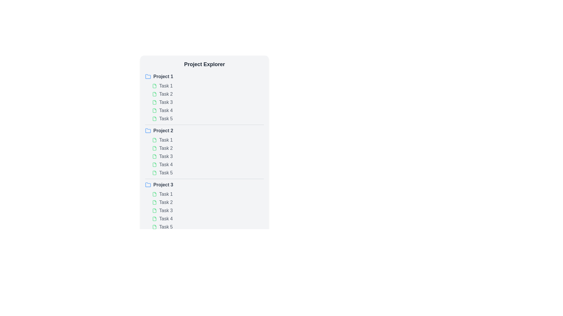  What do you see at coordinates (155, 172) in the screenshot?
I see `the icon representing the status of 'Task 5' in 'Project 2'` at bounding box center [155, 172].